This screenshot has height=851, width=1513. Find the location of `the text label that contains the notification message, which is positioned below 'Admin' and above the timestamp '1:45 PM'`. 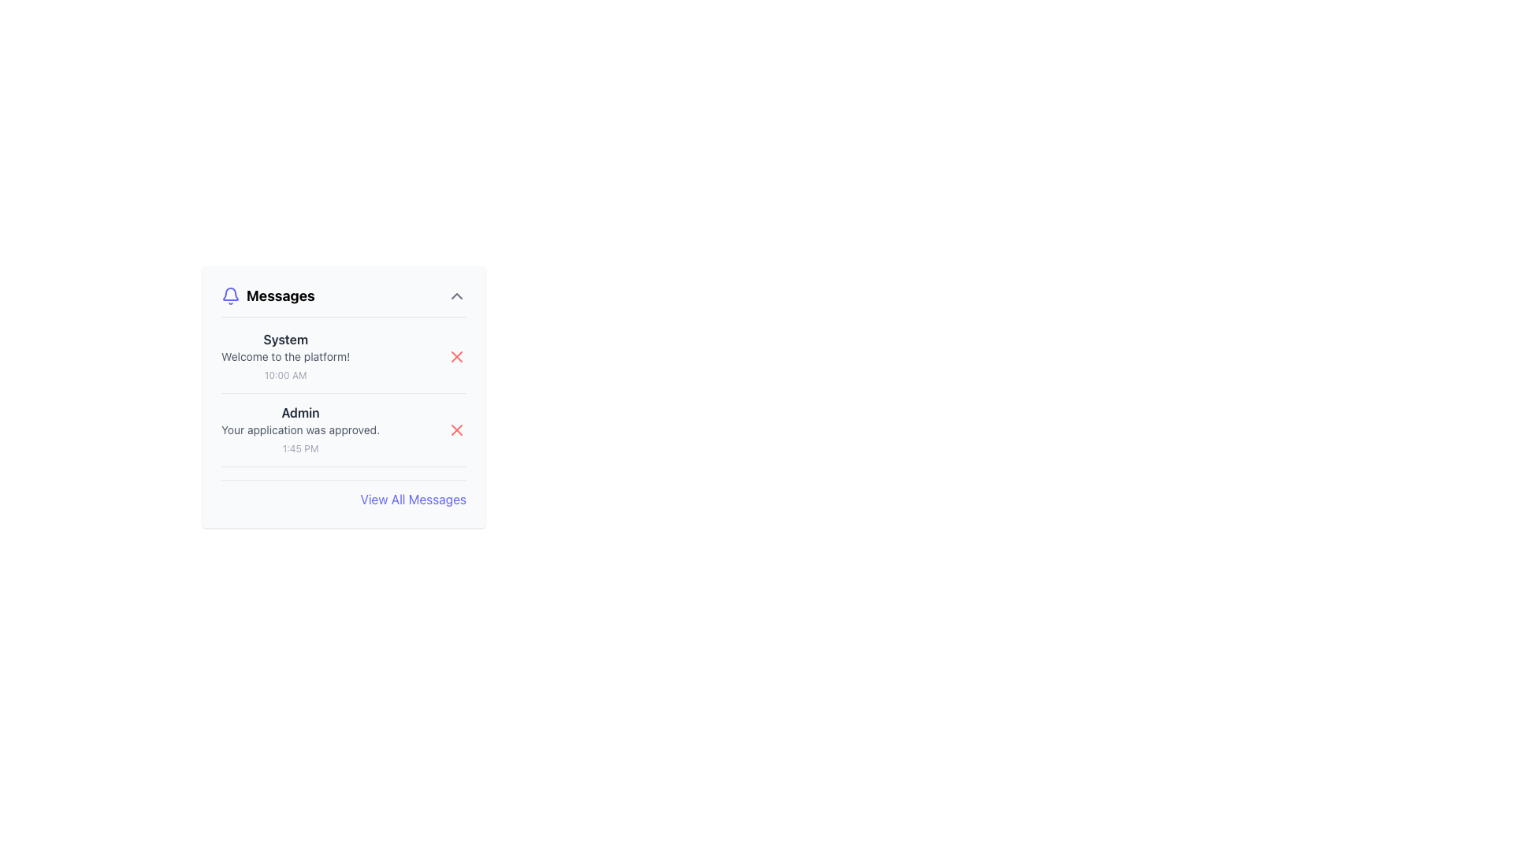

the text label that contains the notification message, which is positioned below 'Admin' and above the timestamp '1:45 PM' is located at coordinates (300, 430).